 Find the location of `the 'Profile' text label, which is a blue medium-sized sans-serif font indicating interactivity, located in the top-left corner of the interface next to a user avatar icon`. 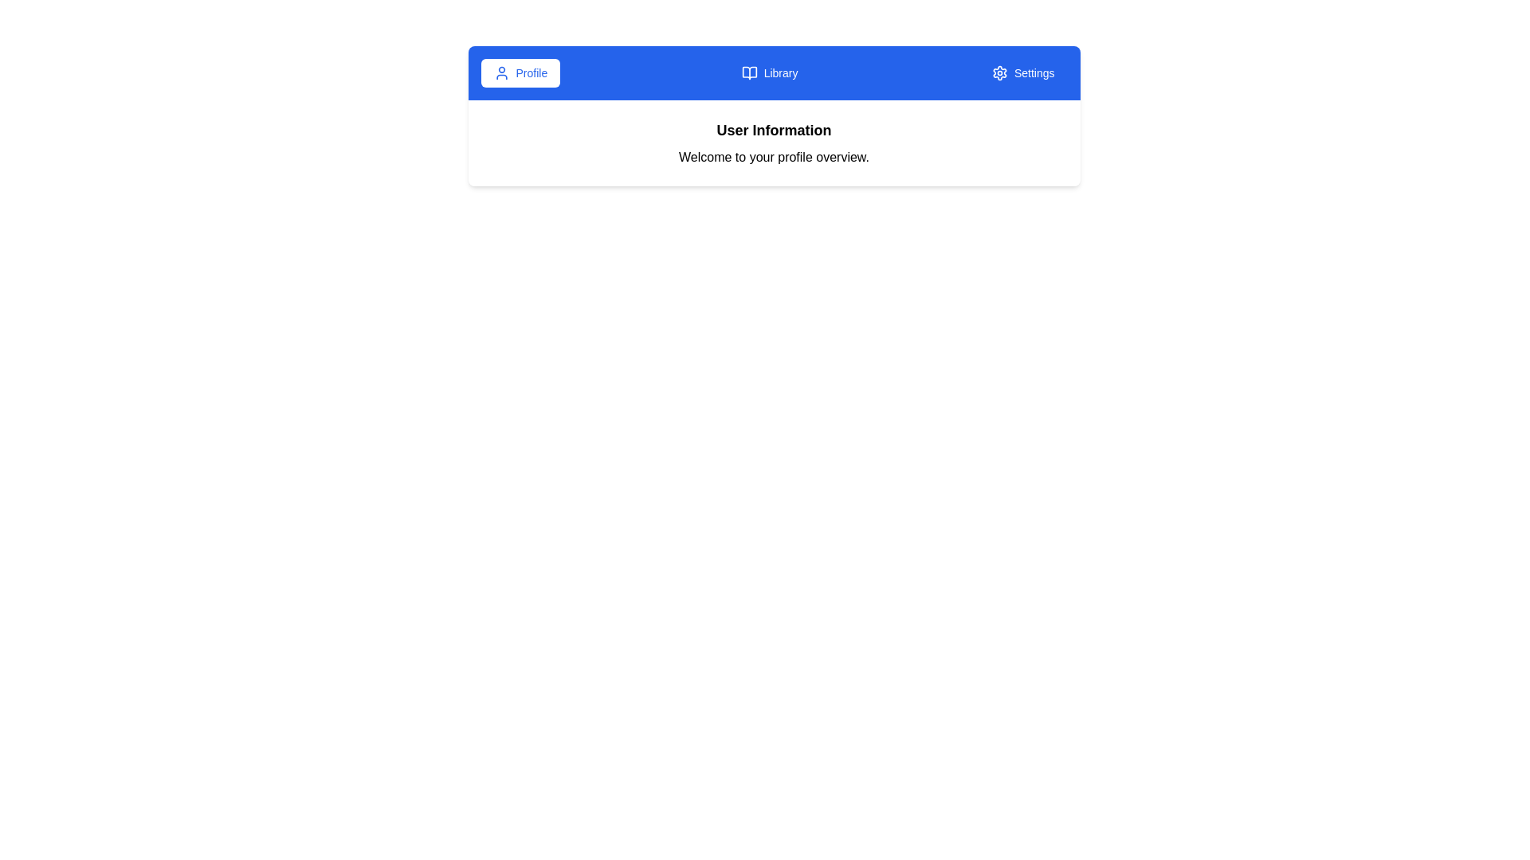

the 'Profile' text label, which is a blue medium-sized sans-serif font indicating interactivity, located in the top-left corner of the interface next to a user avatar icon is located at coordinates (532, 73).